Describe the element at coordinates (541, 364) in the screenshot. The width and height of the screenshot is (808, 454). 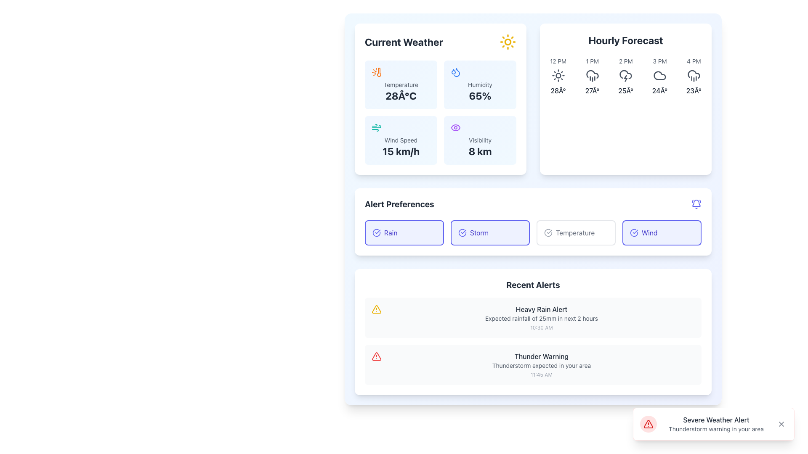
I see `informational text block titled 'Thunder Warning' which includes a description about a thunderstorm and a timestamp` at that location.